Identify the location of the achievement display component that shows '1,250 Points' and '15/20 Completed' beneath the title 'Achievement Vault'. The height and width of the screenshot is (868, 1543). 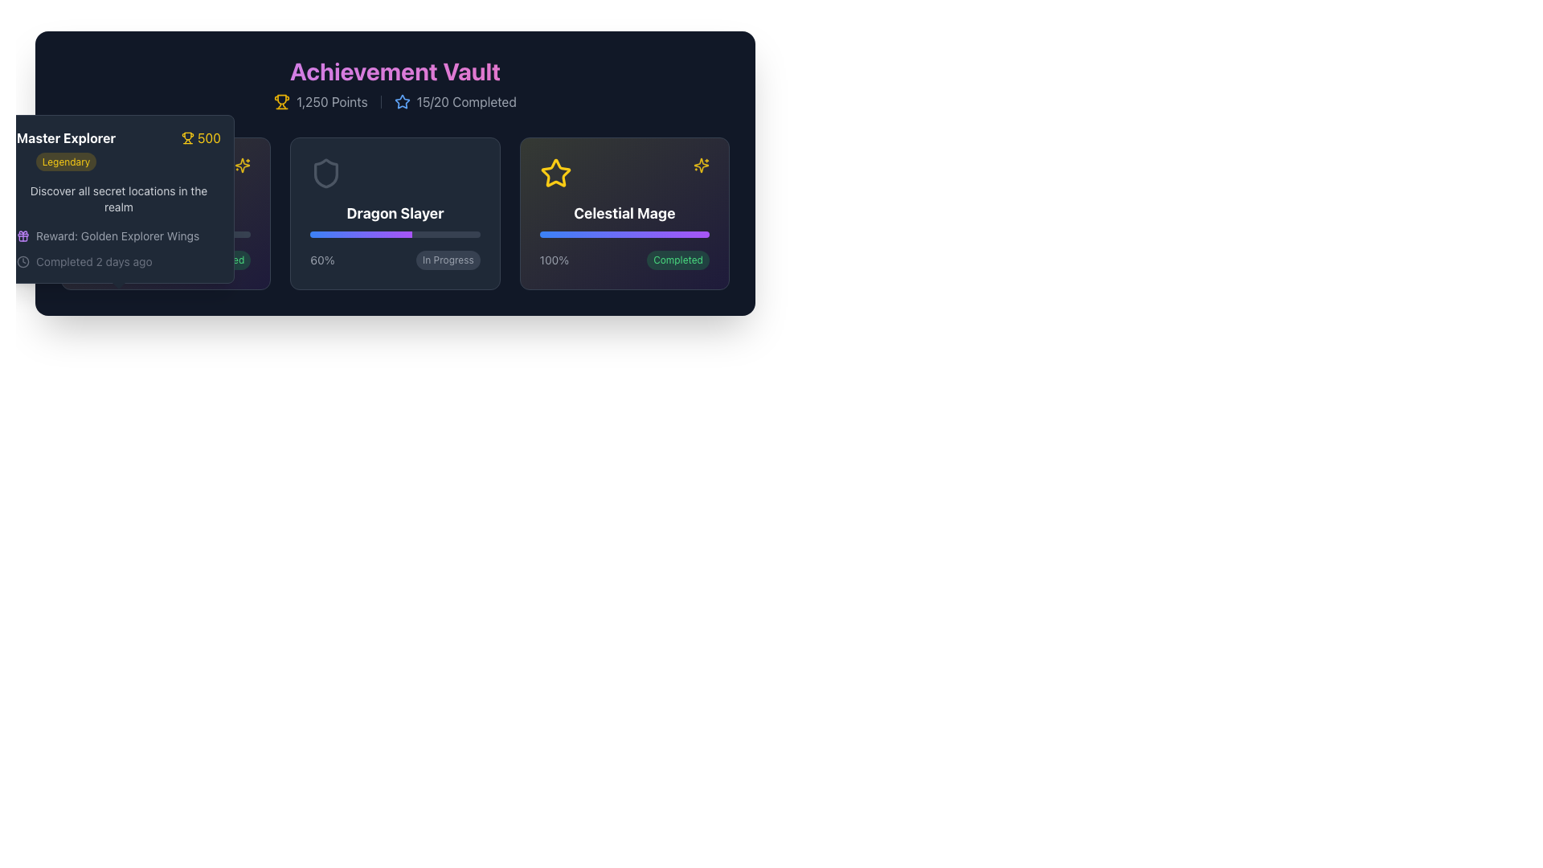
(395, 102).